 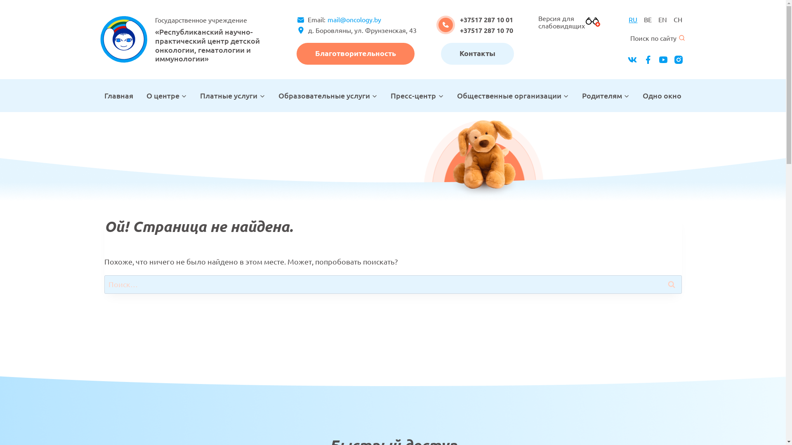 I want to click on '+37517 287 10 70', so click(x=486, y=30).